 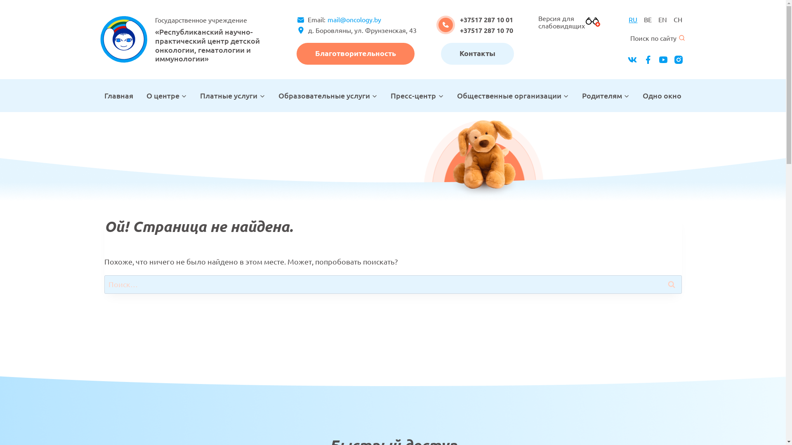 I want to click on '+37517 287 10 70', so click(x=486, y=30).